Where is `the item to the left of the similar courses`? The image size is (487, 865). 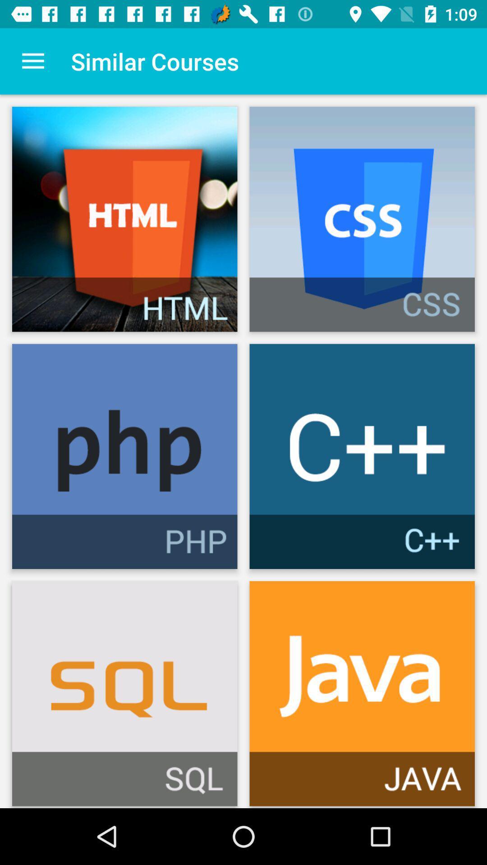 the item to the left of the similar courses is located at coordinates (32, 61).